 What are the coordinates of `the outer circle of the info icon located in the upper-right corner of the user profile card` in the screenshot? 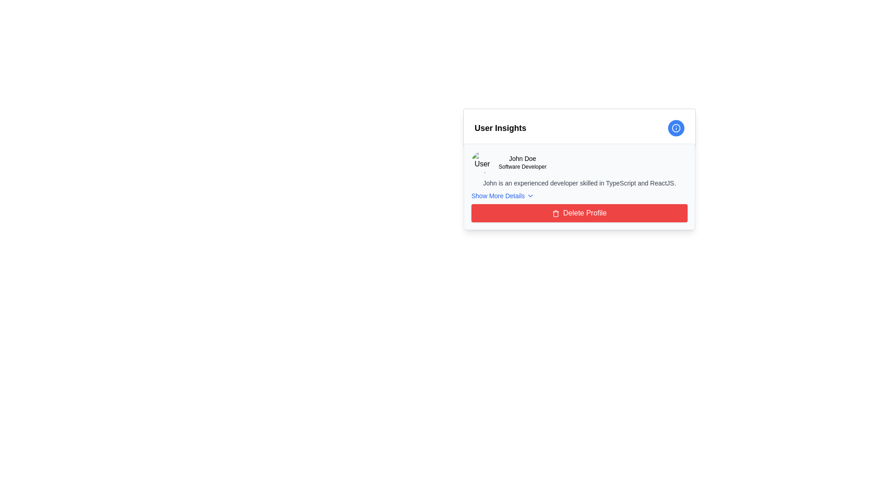 It's located at (676, 128).